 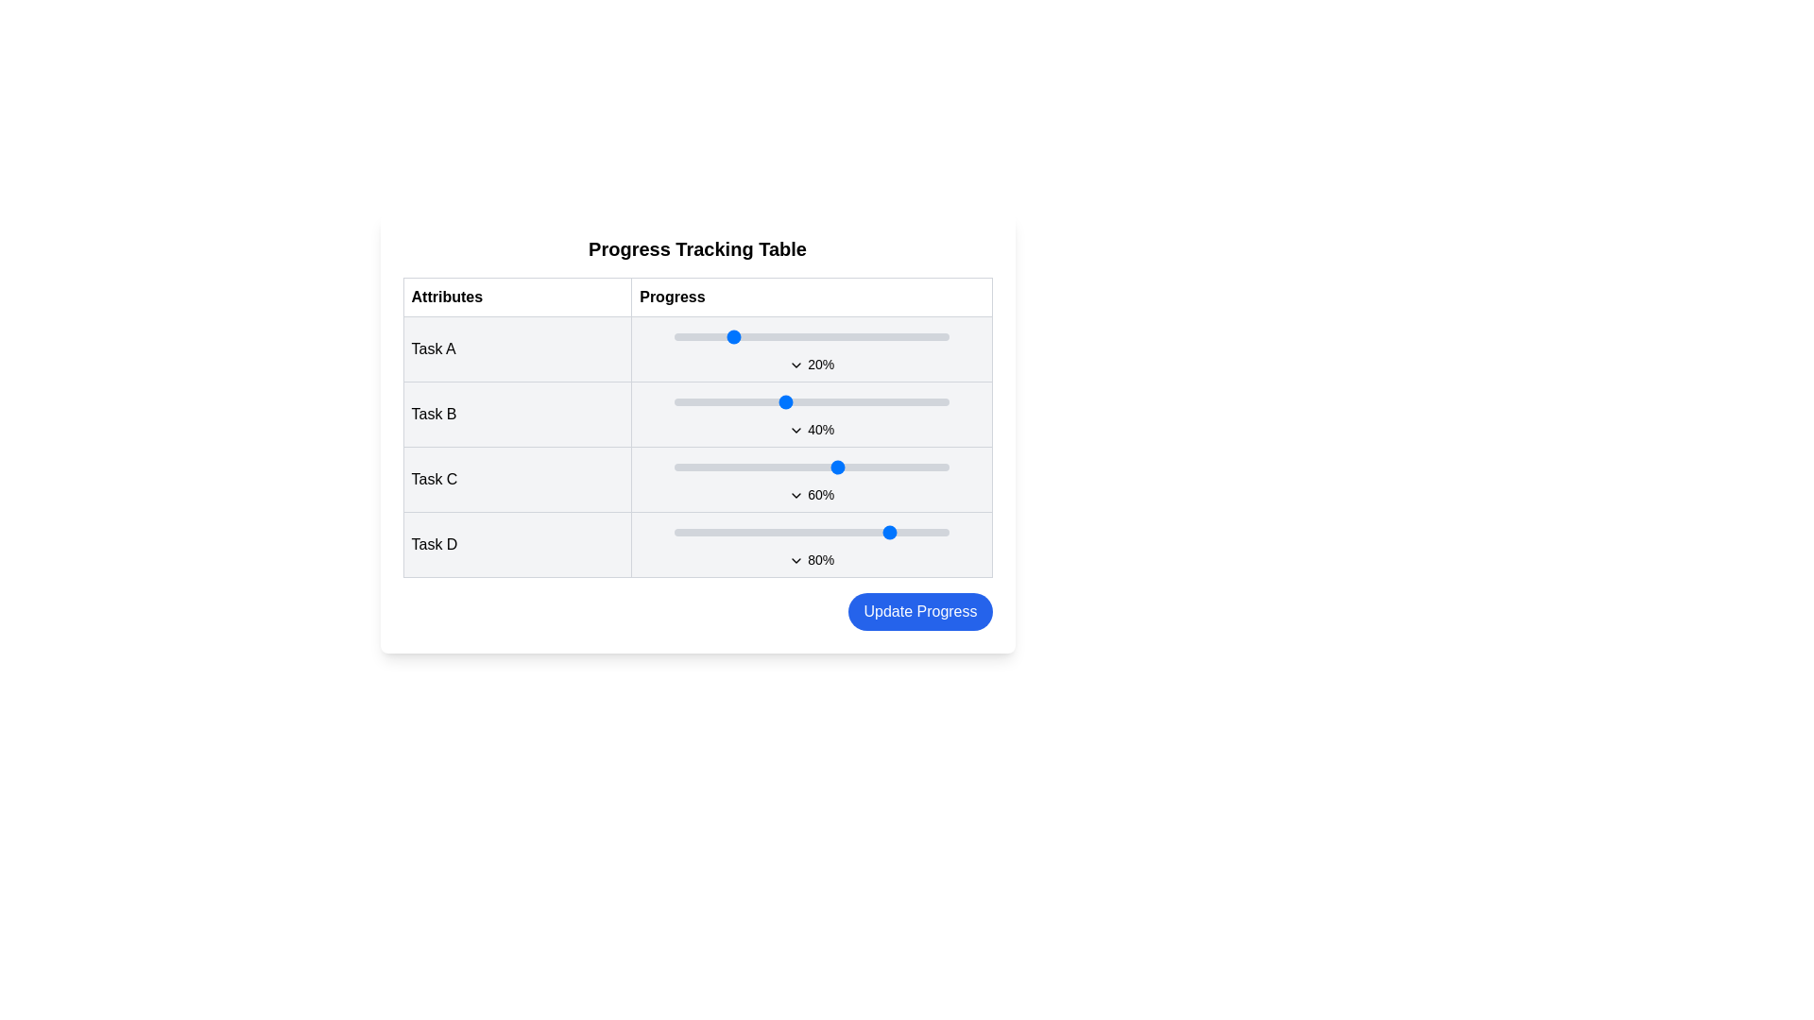 I want to click on progress for Task D, so click(x=857, y=532).